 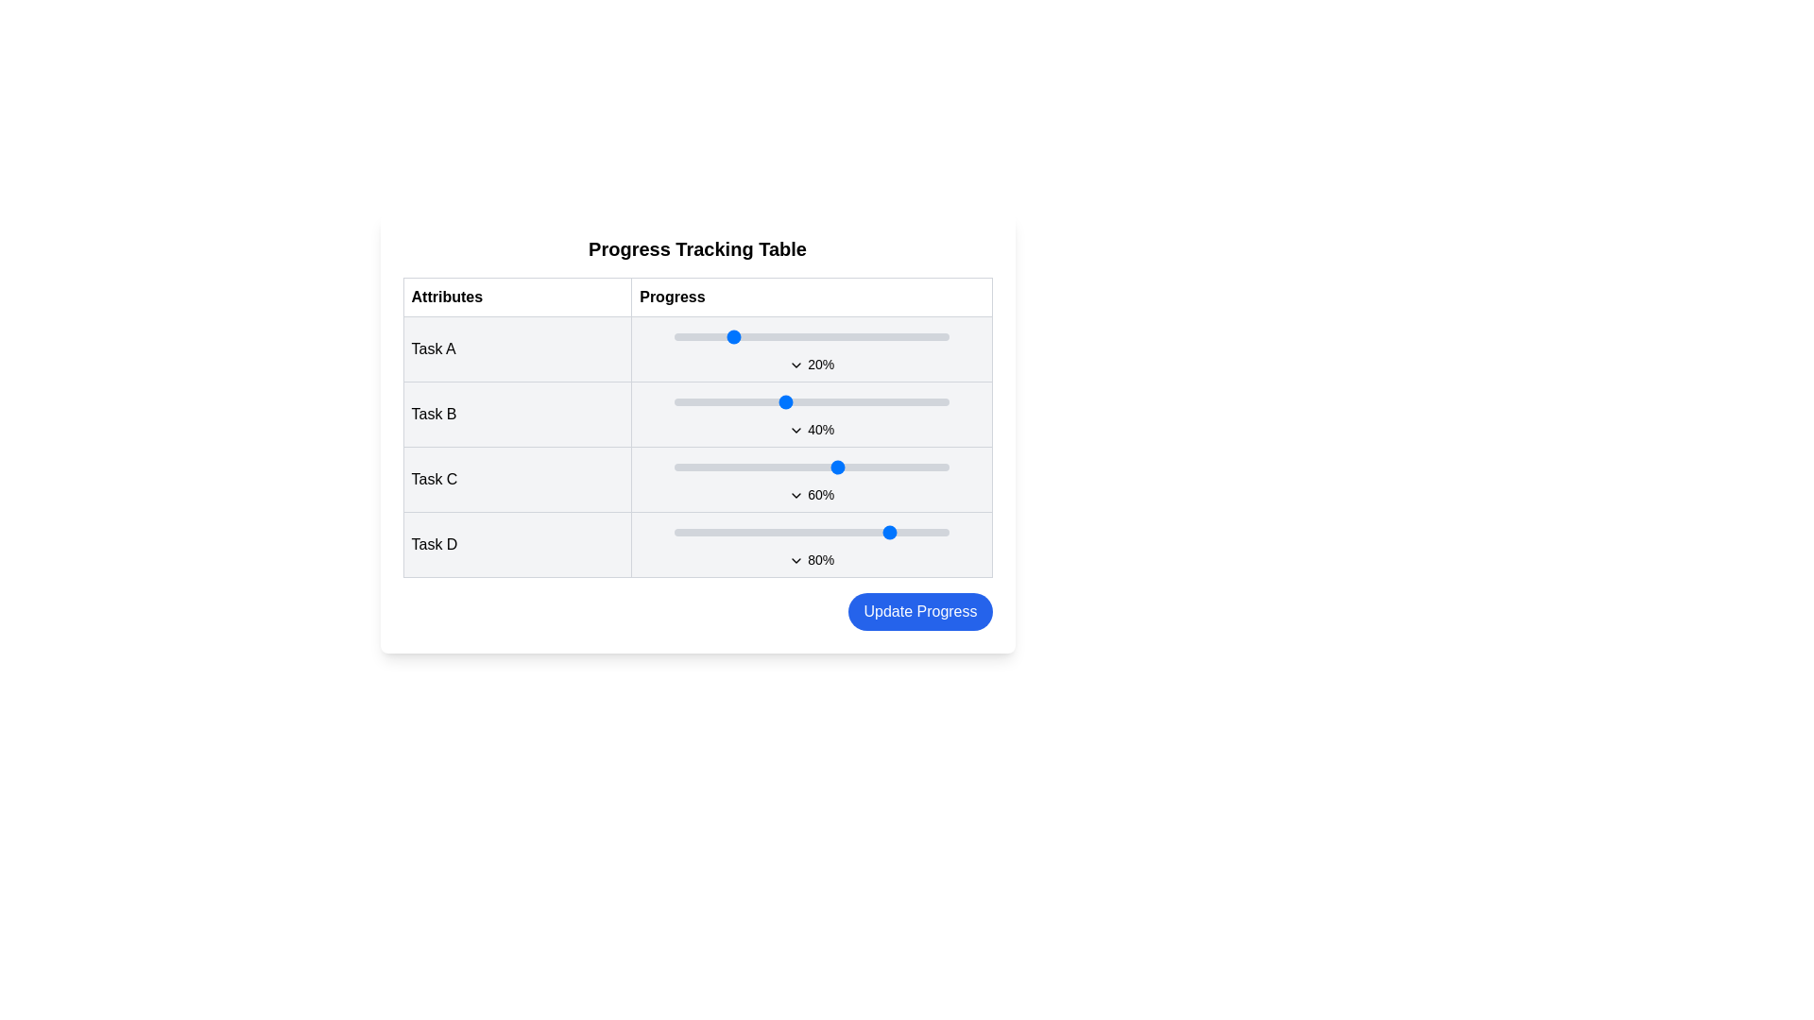 I want to click on progress for Task D, so click(x=857, y=532).